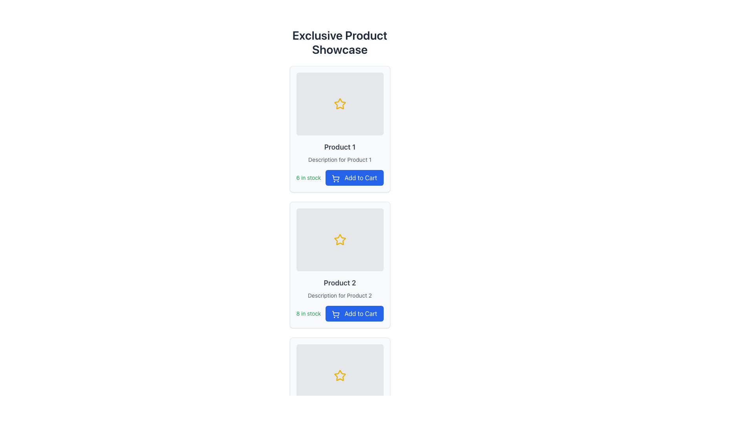 The height and width of the screenshot is (424, 754). I want to click on the second product card in the e-commerce layout, so click(340, 265).